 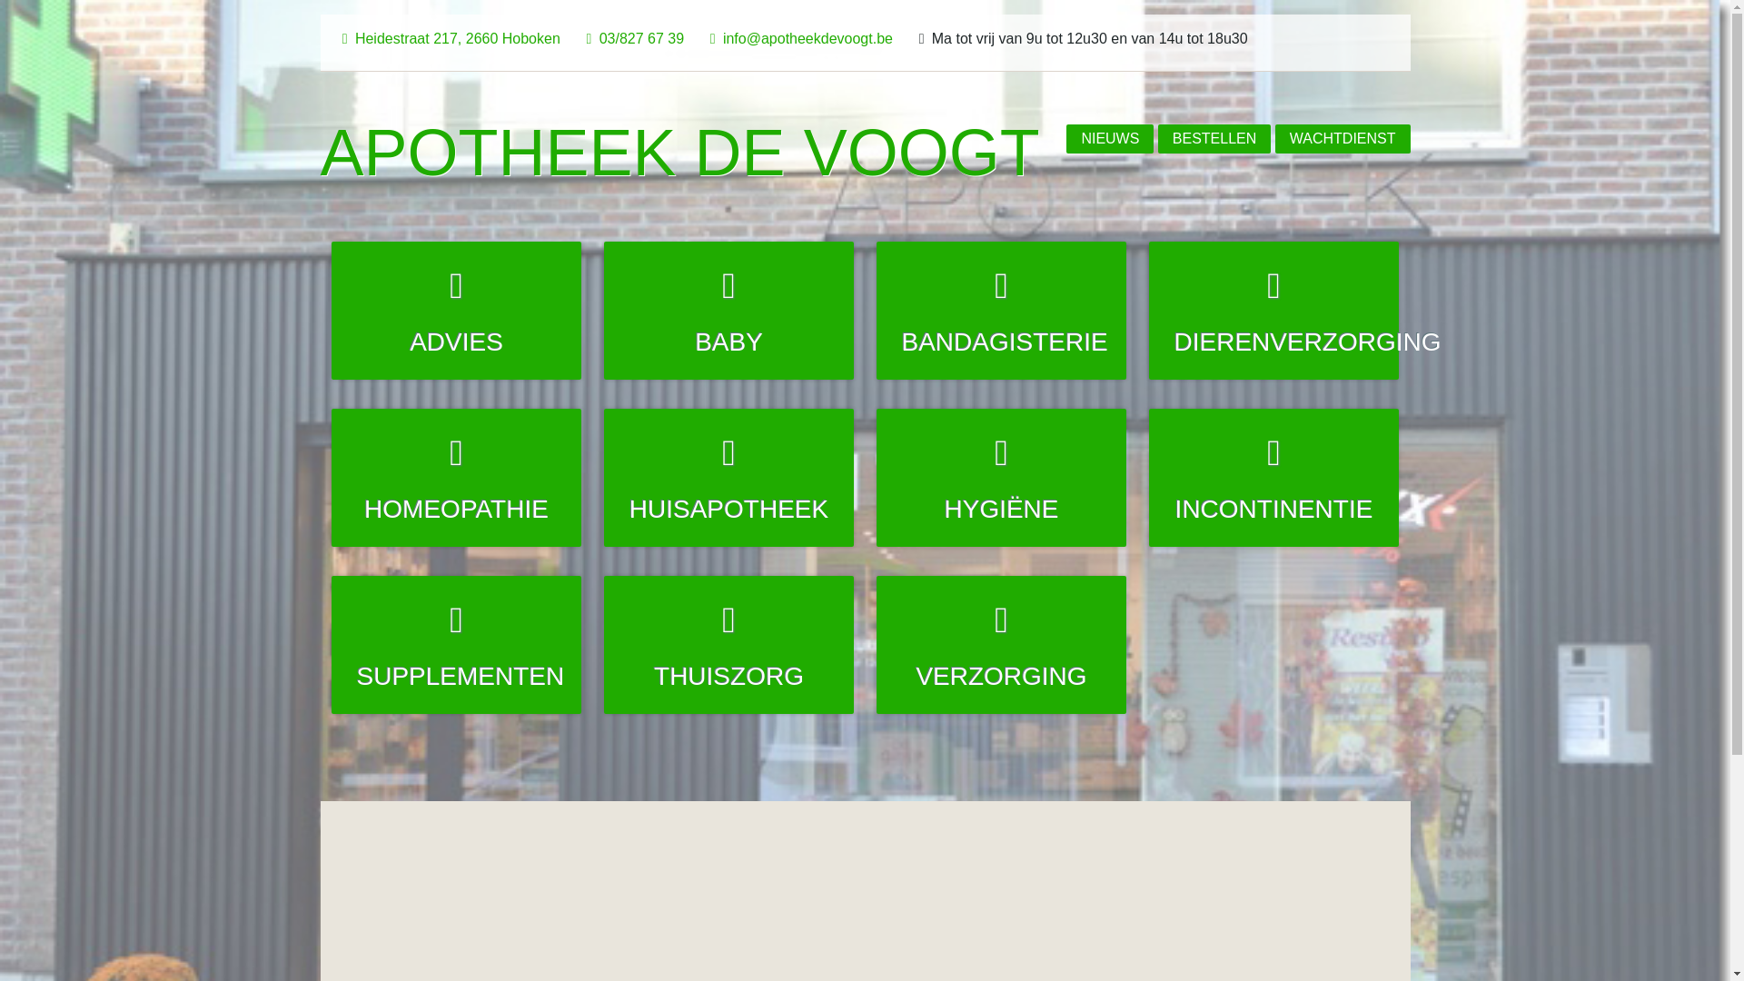 I want to click on '03/827 67 39', so click(x=631, y=38).